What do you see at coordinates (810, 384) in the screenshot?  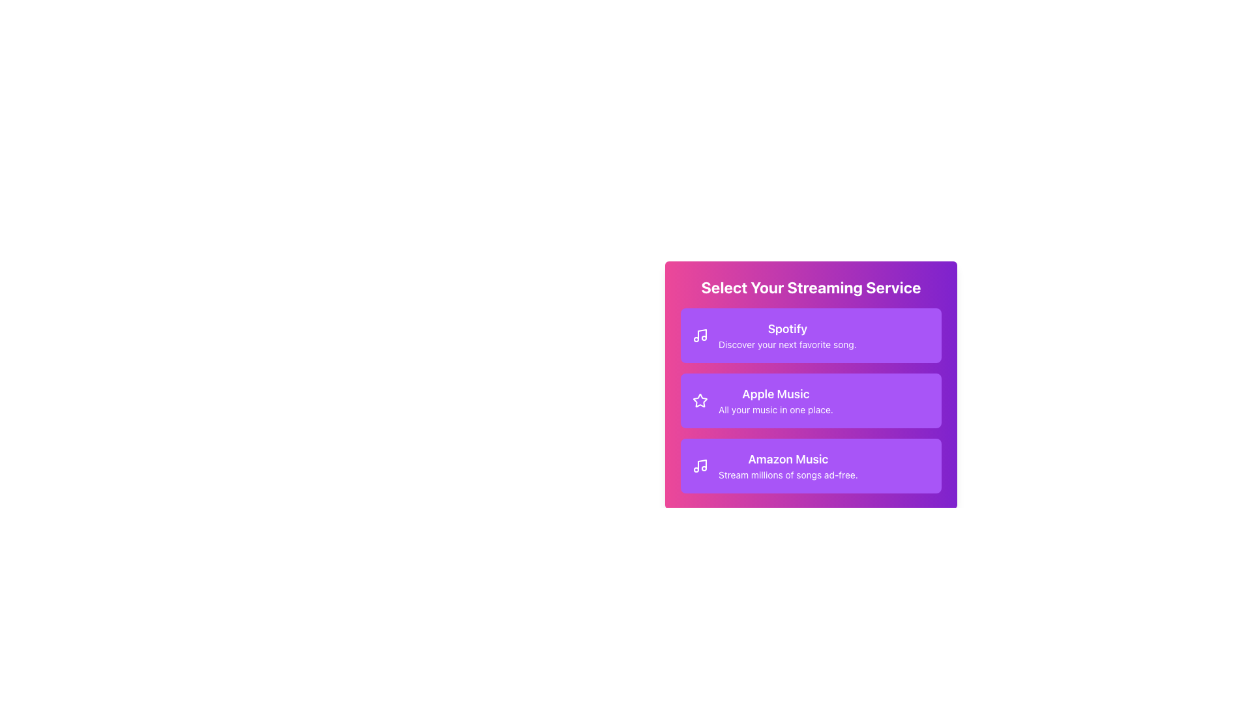 I see `the Interactive Button for selecting the Apple Music streaming service, which is the second option in a vertical stack of three selections` at bounding box center [810, 384].